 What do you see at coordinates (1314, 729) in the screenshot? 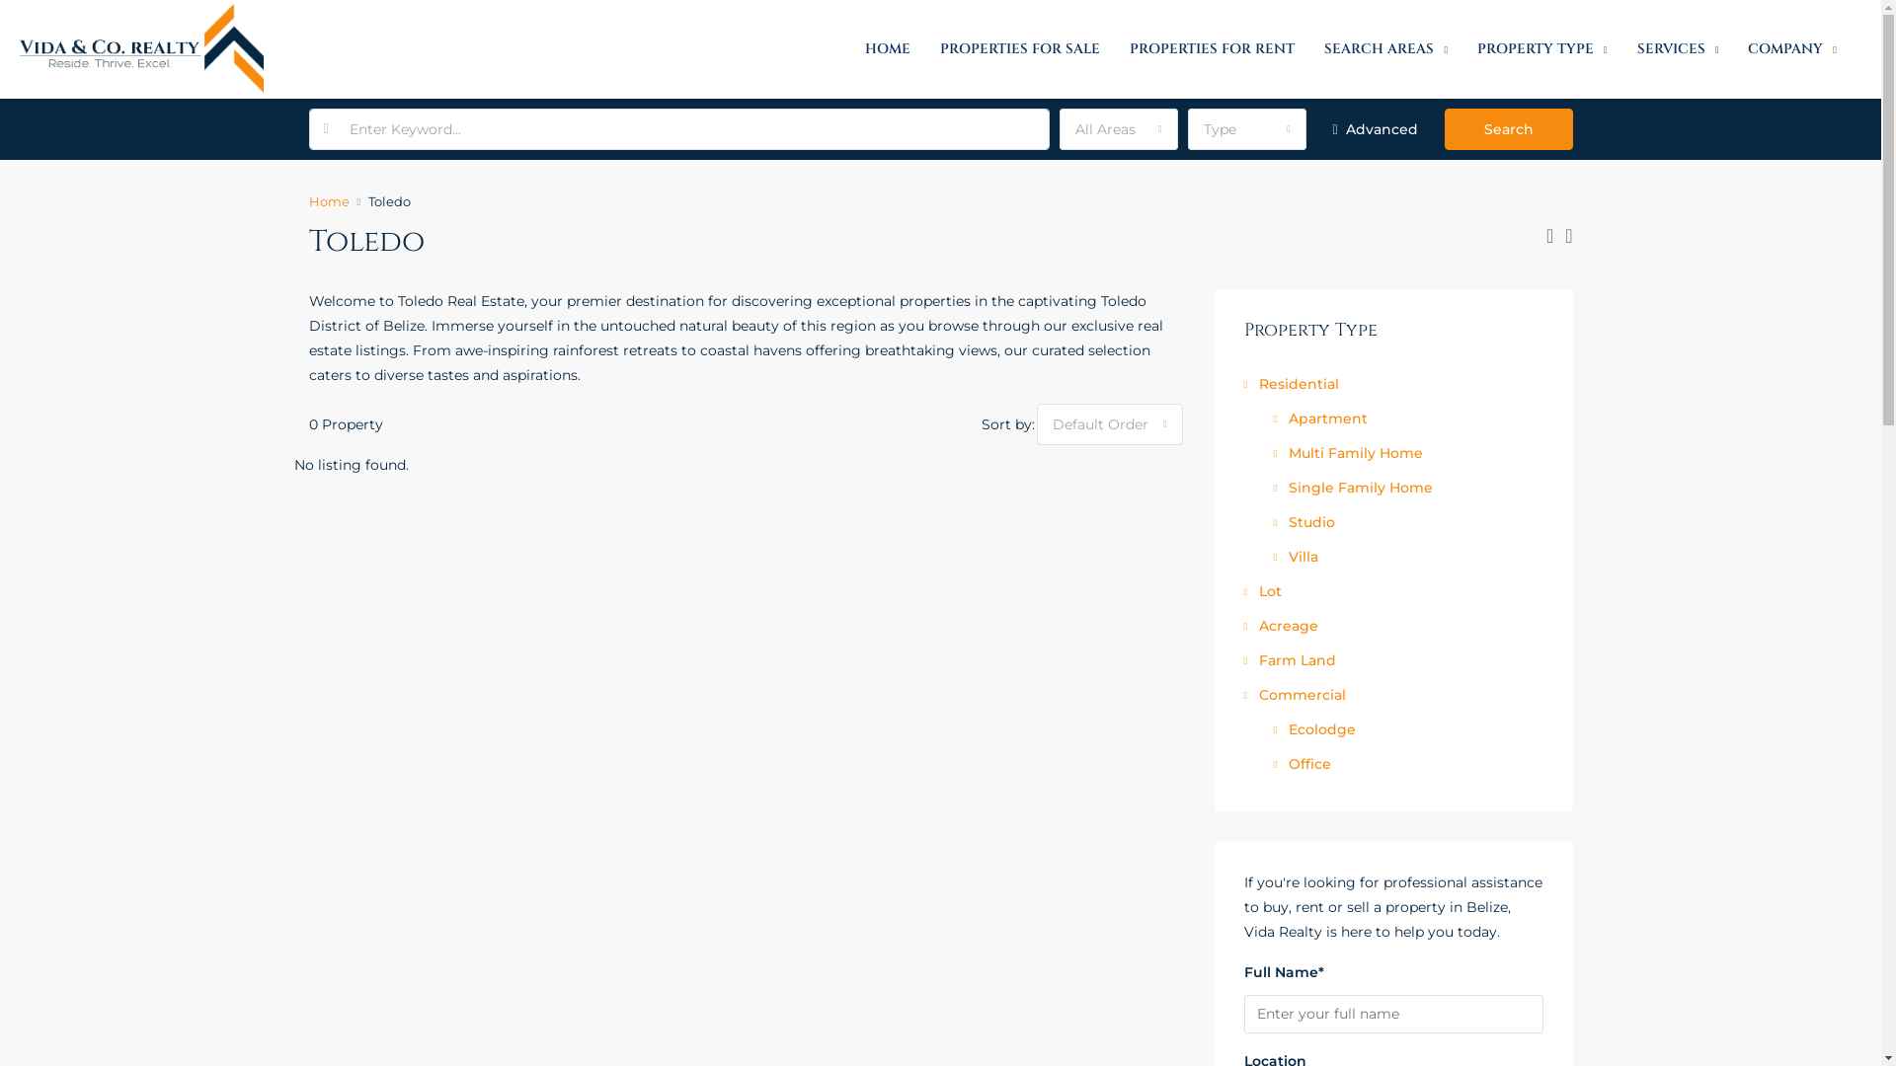
I see `'Ecolodge'` at bounding box center [1314, 729].